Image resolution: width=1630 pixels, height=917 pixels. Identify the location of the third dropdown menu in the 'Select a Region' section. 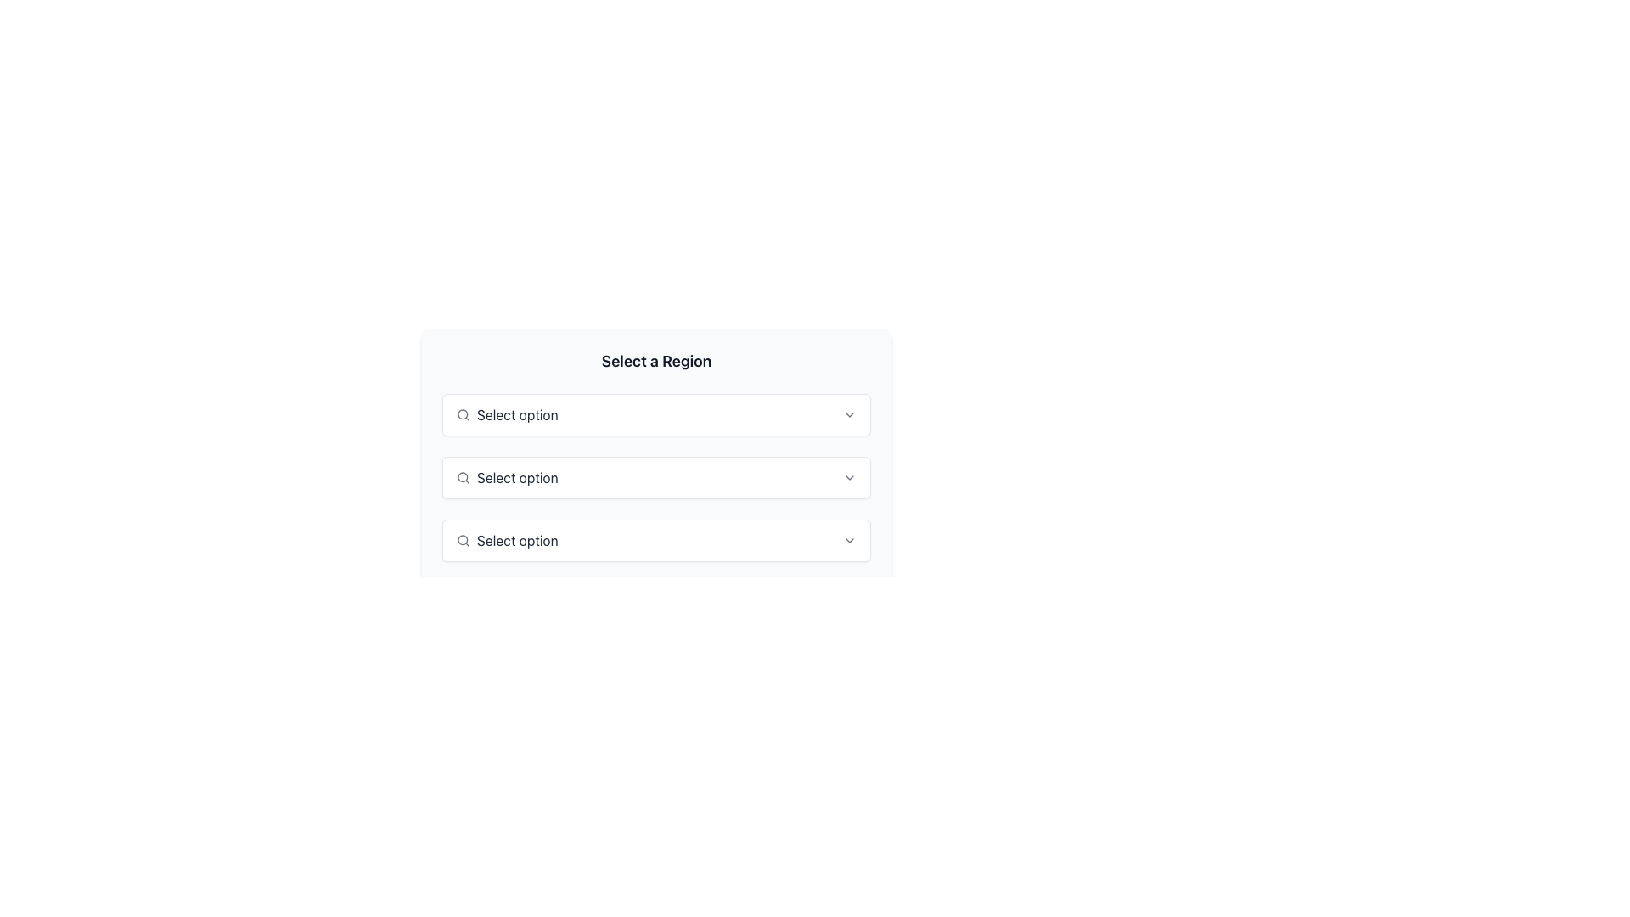
(655, 540).